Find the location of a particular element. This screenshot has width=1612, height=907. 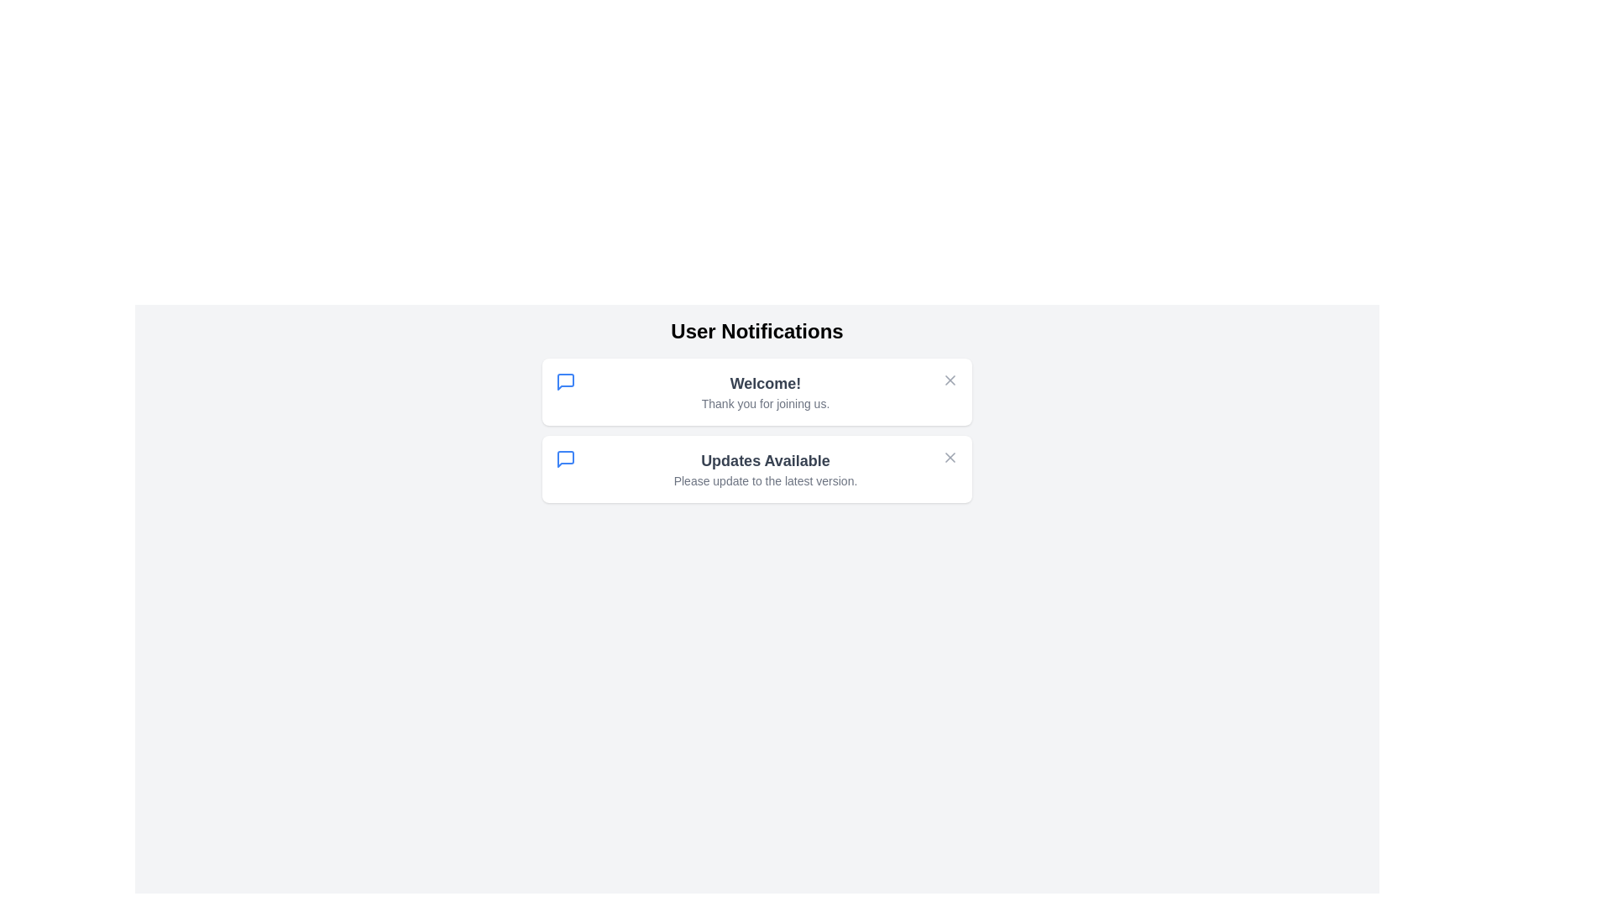

information displayed in the text label that says 'Please update to the latest version.' located directly below the 'Updates Available' header in the second notification card of the 'User Notifications' panel is located at coordinates (765, 481).